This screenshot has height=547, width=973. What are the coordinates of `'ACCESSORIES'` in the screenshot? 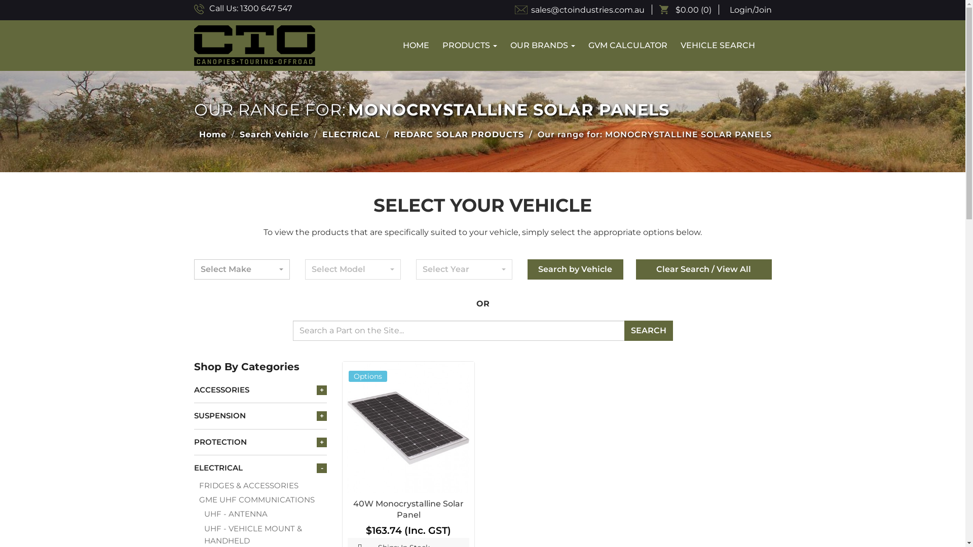 It's located at (194, 389).